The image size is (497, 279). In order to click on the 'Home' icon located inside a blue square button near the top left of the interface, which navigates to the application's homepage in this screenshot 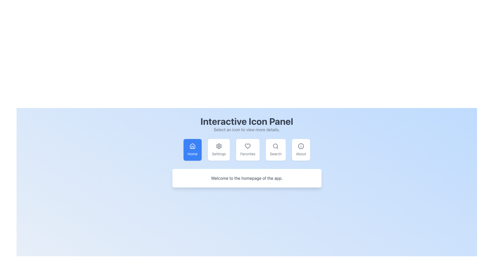, I will do `click(192, 146)`.